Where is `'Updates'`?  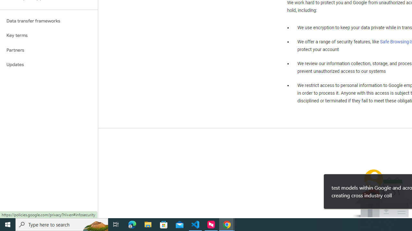 'Updates' is located at coordinates (49, 64).